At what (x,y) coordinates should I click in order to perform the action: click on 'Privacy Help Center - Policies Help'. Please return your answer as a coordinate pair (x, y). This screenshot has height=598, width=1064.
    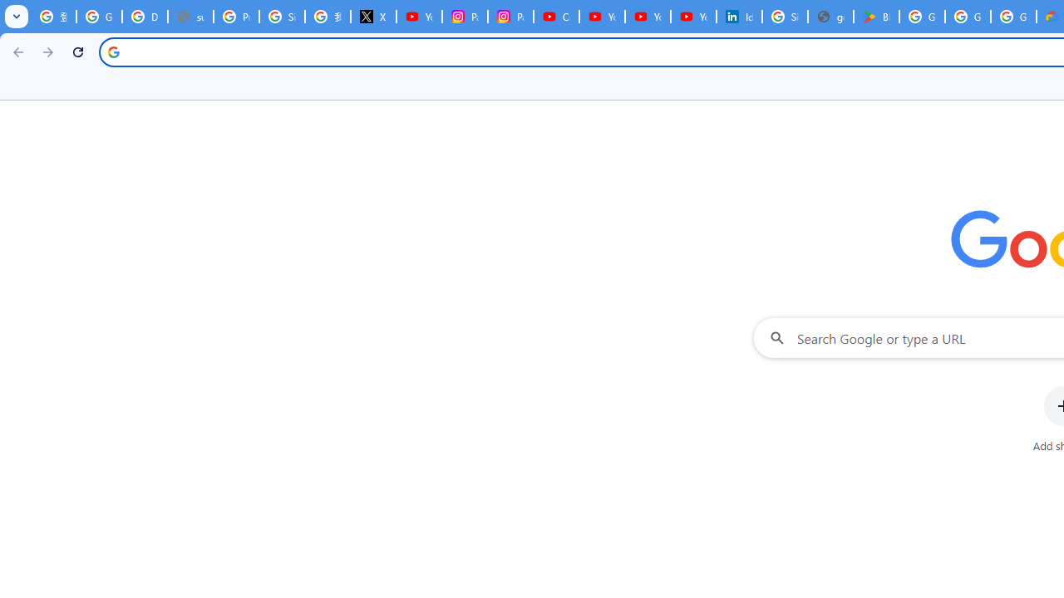
    Looking at the image, I should click on (235, 17).